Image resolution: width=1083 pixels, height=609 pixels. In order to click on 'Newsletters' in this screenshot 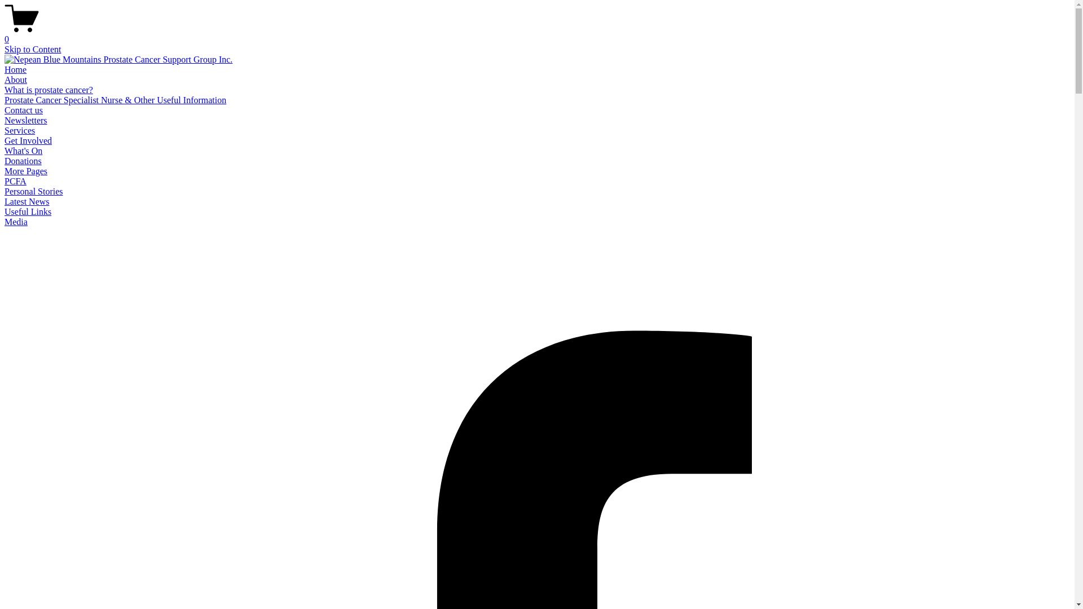, I will do `click(26, 120)`.